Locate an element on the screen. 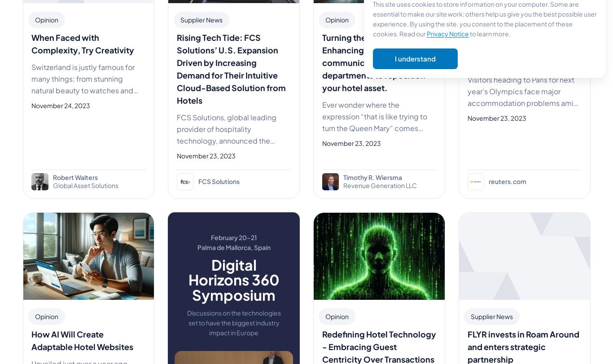 The height and width of the screenshot is (364, 613). 'Revenue Generation LLC' is located at coordinates (380, 184).